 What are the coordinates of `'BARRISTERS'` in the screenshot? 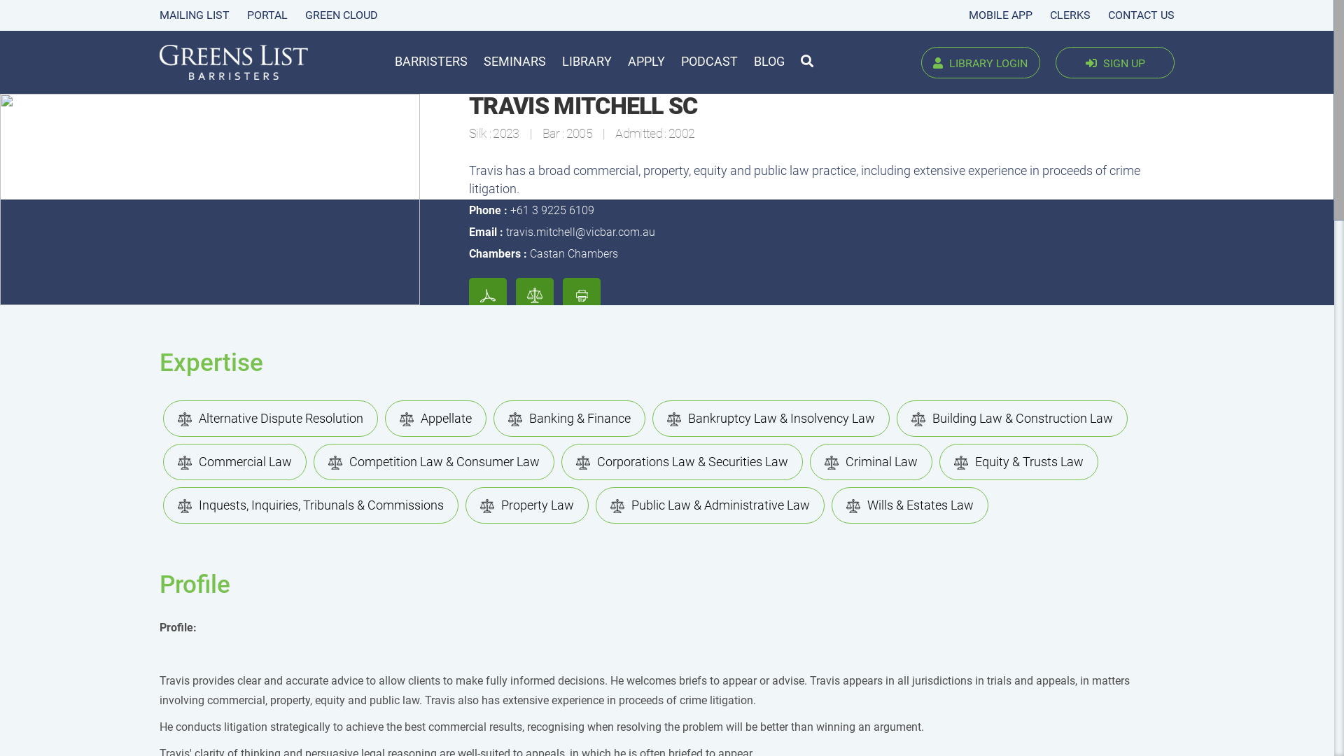 It's located at (430, 60).